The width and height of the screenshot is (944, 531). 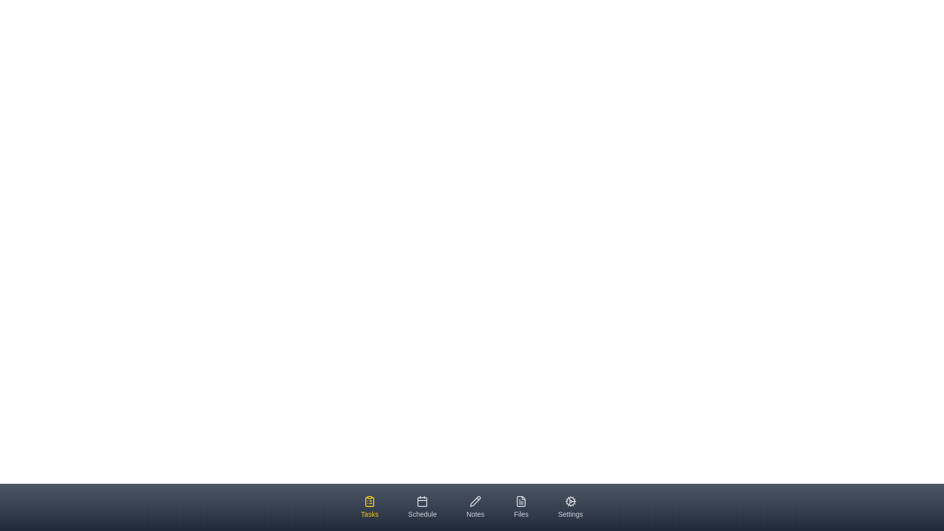 I want to click on the tab labeled Schedule by clicking on it, so click(x=422, y=507).